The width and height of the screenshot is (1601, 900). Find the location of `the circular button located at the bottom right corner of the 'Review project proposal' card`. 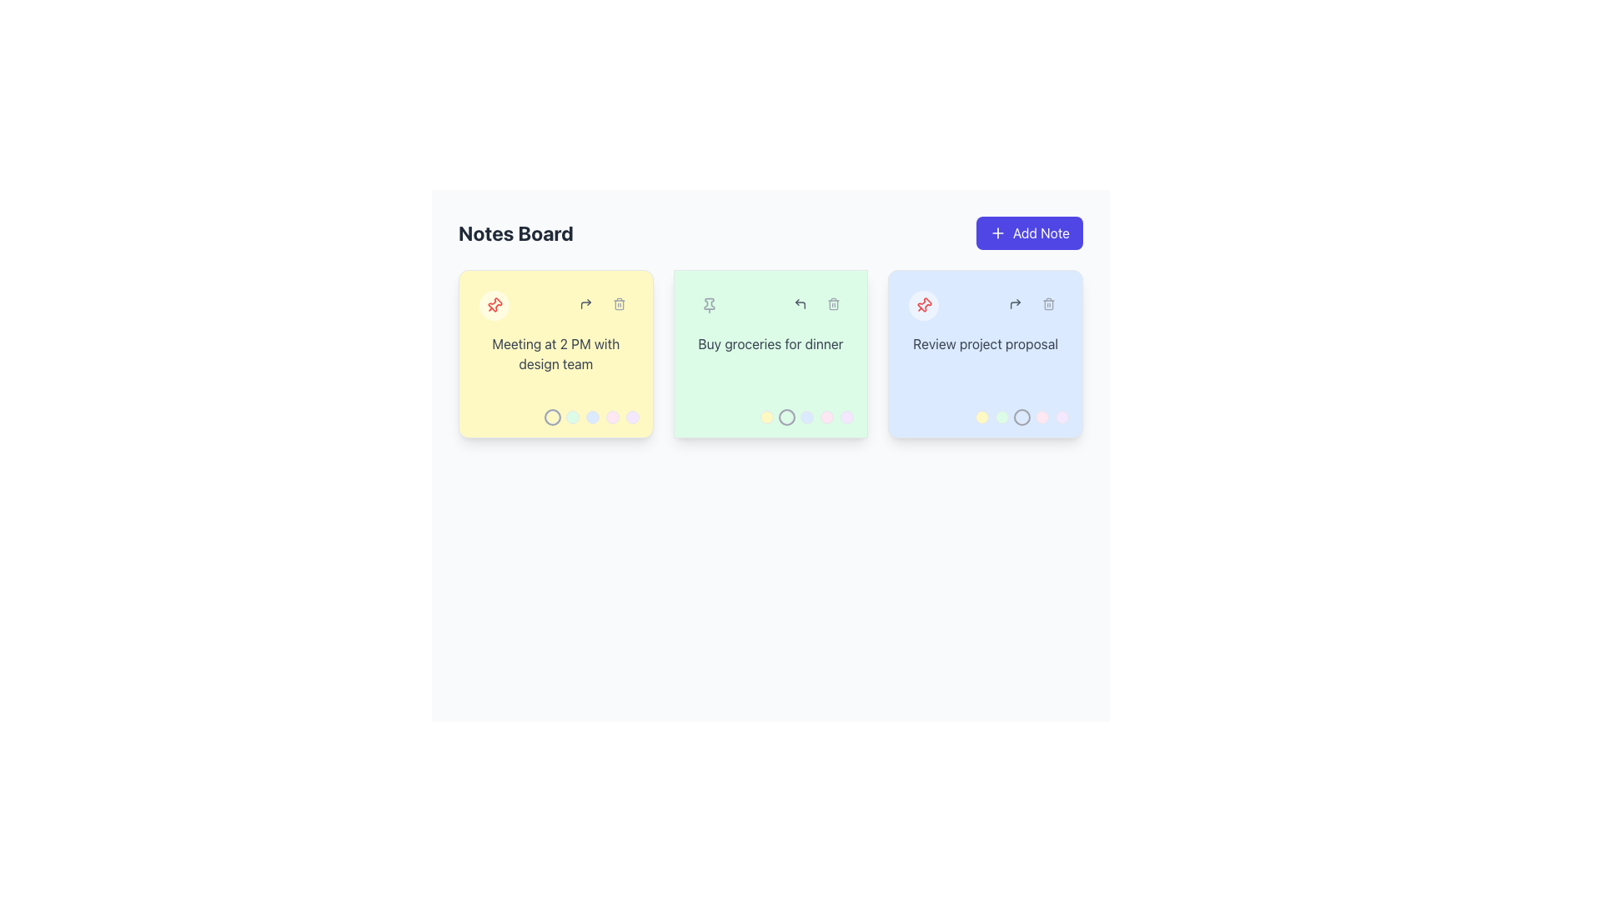

the circular button located at the bottom right corner of the 'Review project proposal' card is located at coordinates (1021, 417).